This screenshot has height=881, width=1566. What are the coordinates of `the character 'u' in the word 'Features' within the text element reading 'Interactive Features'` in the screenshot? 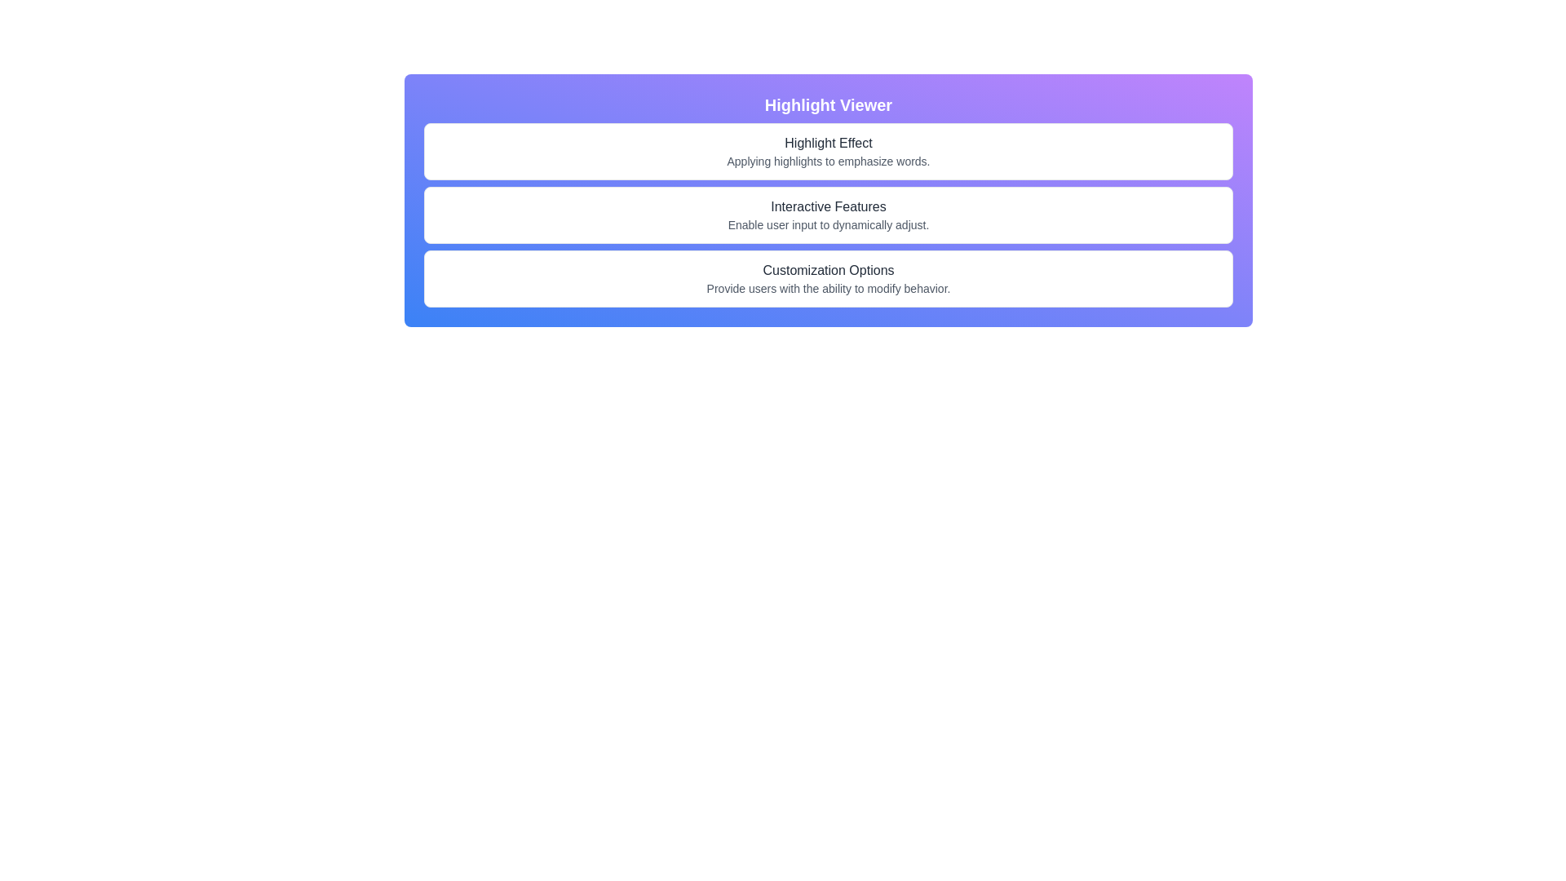 It's located at (864, 206).